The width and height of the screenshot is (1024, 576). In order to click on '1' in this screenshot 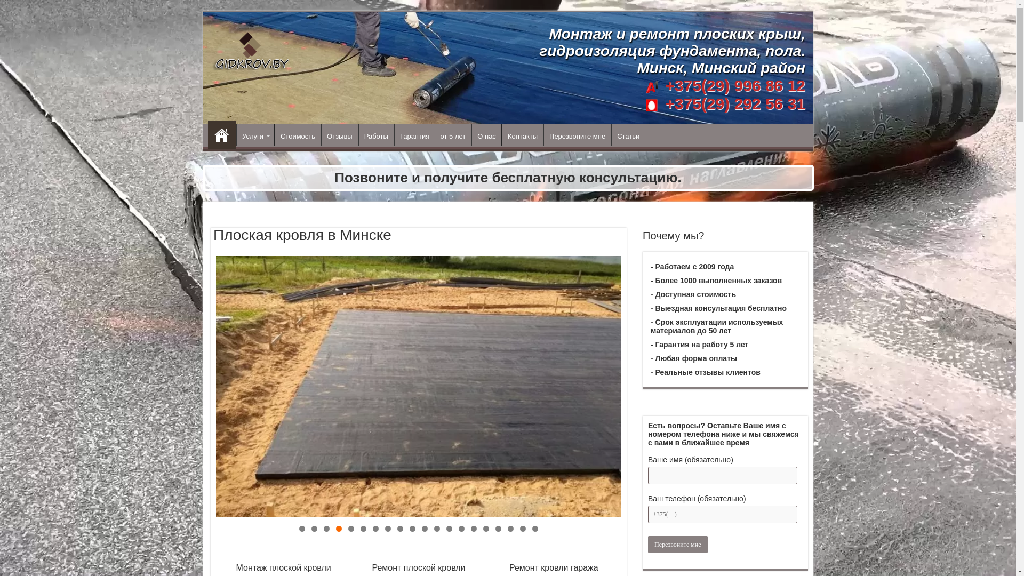, I will do `click(299, 529)`.